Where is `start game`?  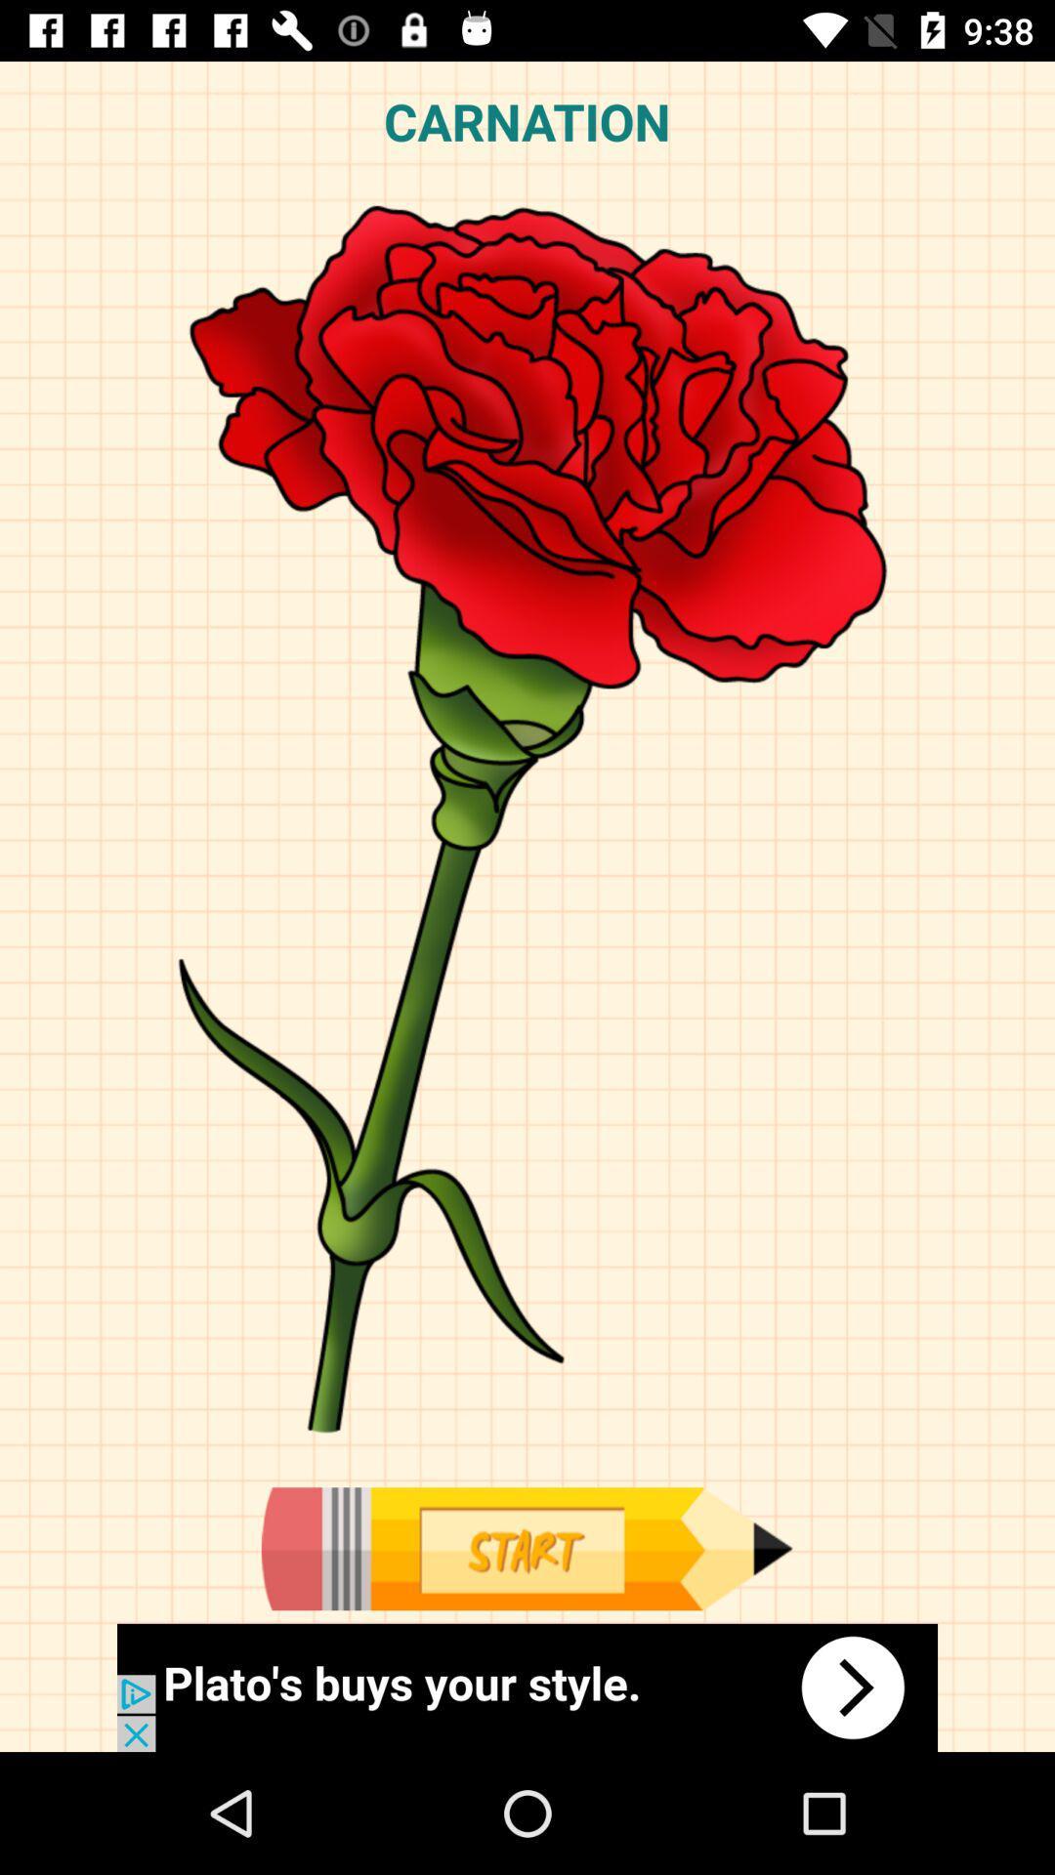
start game is located at coordinates (526, 1548).